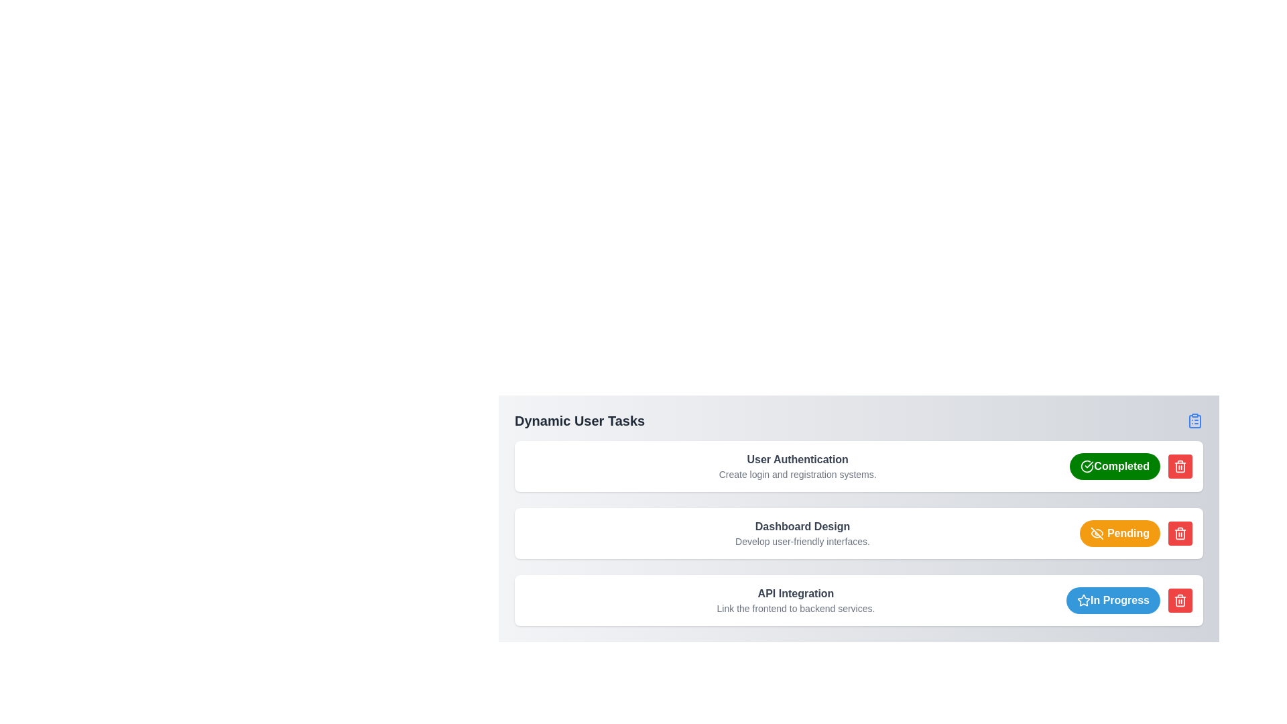  What do you see at coordinates (802, 540) in the screenshot?
I see `the Text label that serves as a descriptive subtitle for the task labeled 'Dashboard Design', located in the middle card of the task stack` at bounding box center [802, 540].